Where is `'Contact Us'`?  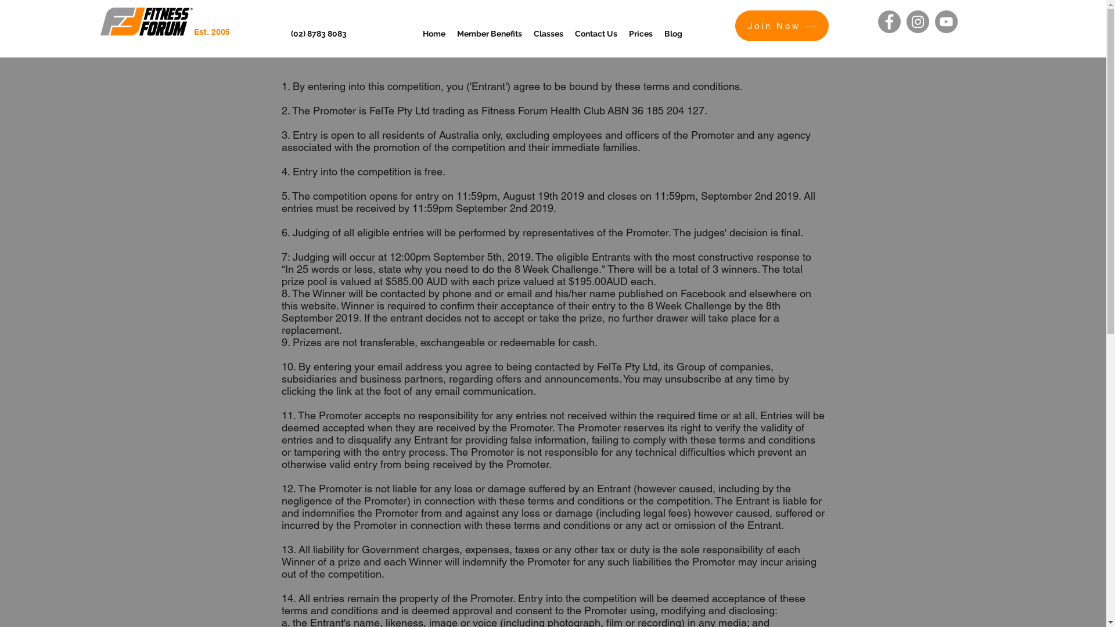 'Contact Us' is located at coordinates (596, 33).